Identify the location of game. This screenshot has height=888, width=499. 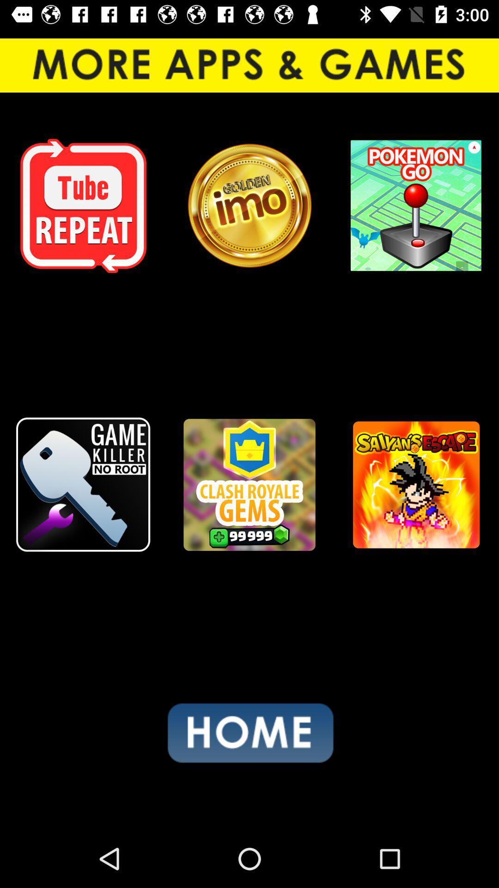
(249, 484).